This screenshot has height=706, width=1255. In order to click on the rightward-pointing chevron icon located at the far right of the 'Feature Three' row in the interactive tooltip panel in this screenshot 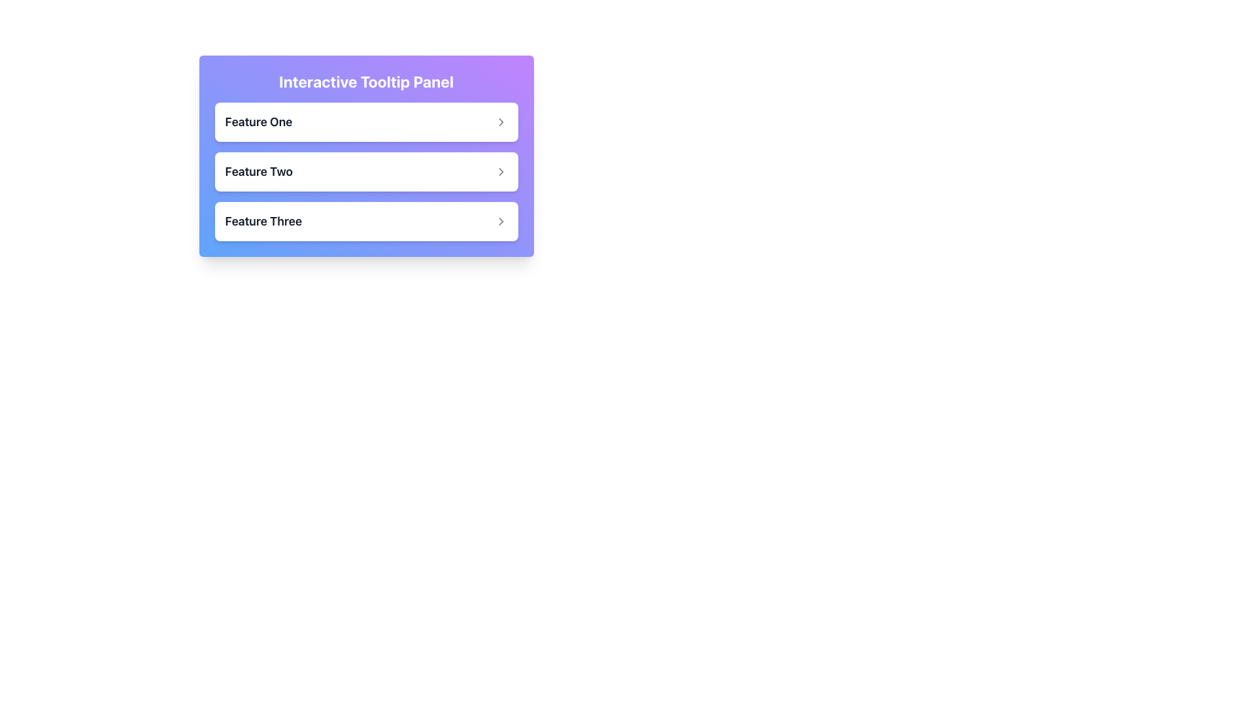, I will do `click(500, 221)`.